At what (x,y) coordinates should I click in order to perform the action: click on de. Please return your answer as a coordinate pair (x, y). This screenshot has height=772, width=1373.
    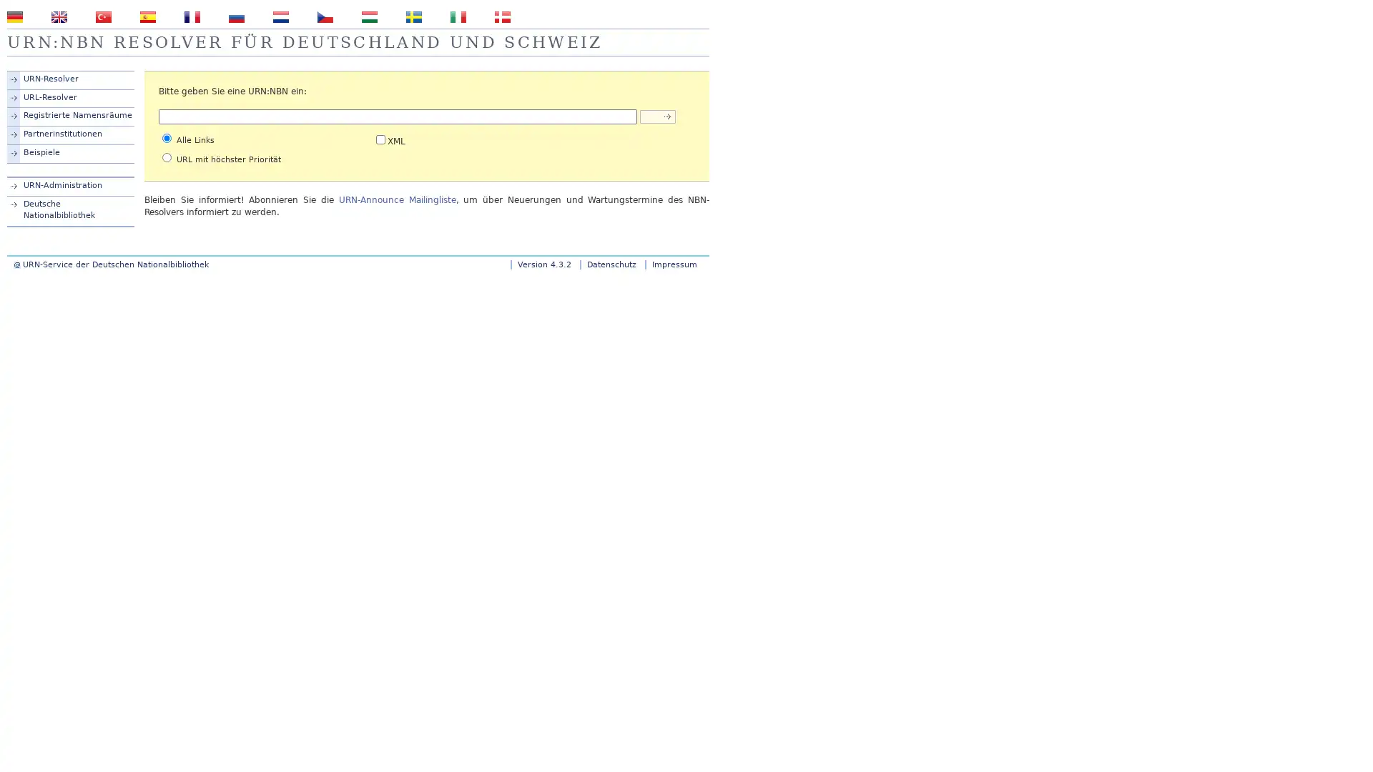
    Looking at the image, I should click on (14, 16).